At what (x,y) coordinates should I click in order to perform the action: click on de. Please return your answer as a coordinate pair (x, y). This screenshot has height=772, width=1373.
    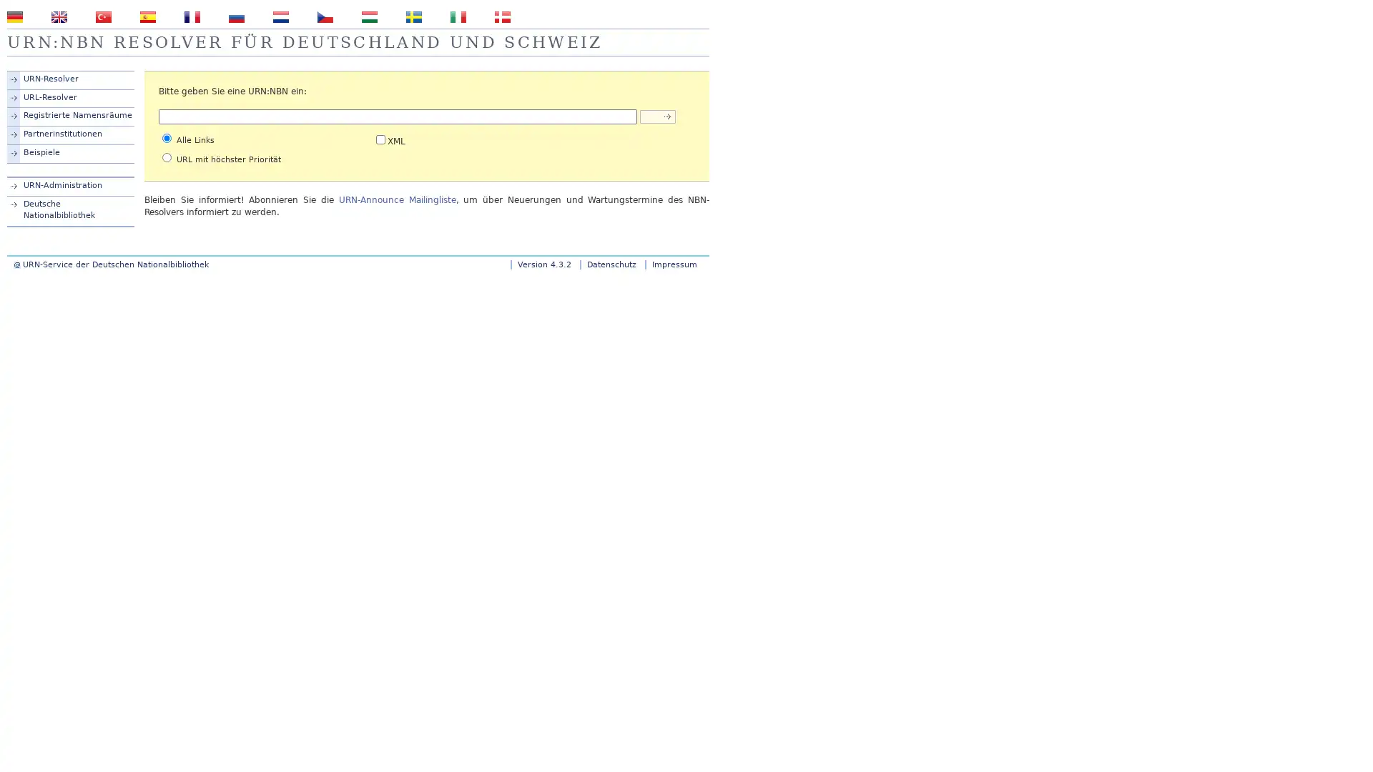
    Looking at the image, I should click on (14, 16).